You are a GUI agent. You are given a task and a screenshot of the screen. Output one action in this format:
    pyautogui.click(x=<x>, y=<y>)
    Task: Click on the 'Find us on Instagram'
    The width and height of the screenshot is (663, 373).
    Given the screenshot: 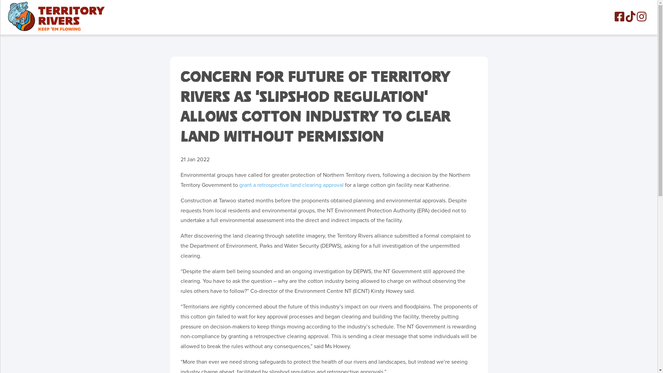 What is the action you would take?
    pyautogui.click(x=641, y=18)
    